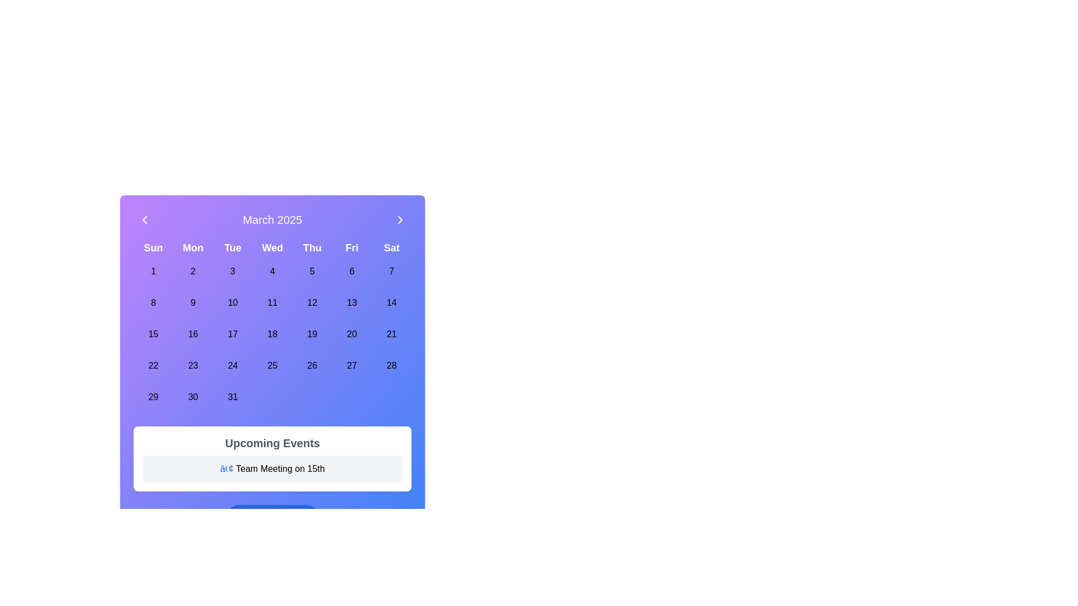 Image resolution: width=1078 pixels, height=606 pixels. Describe the element at coordinates (391, 271) in the screenshot. I see `the button representing the date '7' in the calendar interface` at that location.